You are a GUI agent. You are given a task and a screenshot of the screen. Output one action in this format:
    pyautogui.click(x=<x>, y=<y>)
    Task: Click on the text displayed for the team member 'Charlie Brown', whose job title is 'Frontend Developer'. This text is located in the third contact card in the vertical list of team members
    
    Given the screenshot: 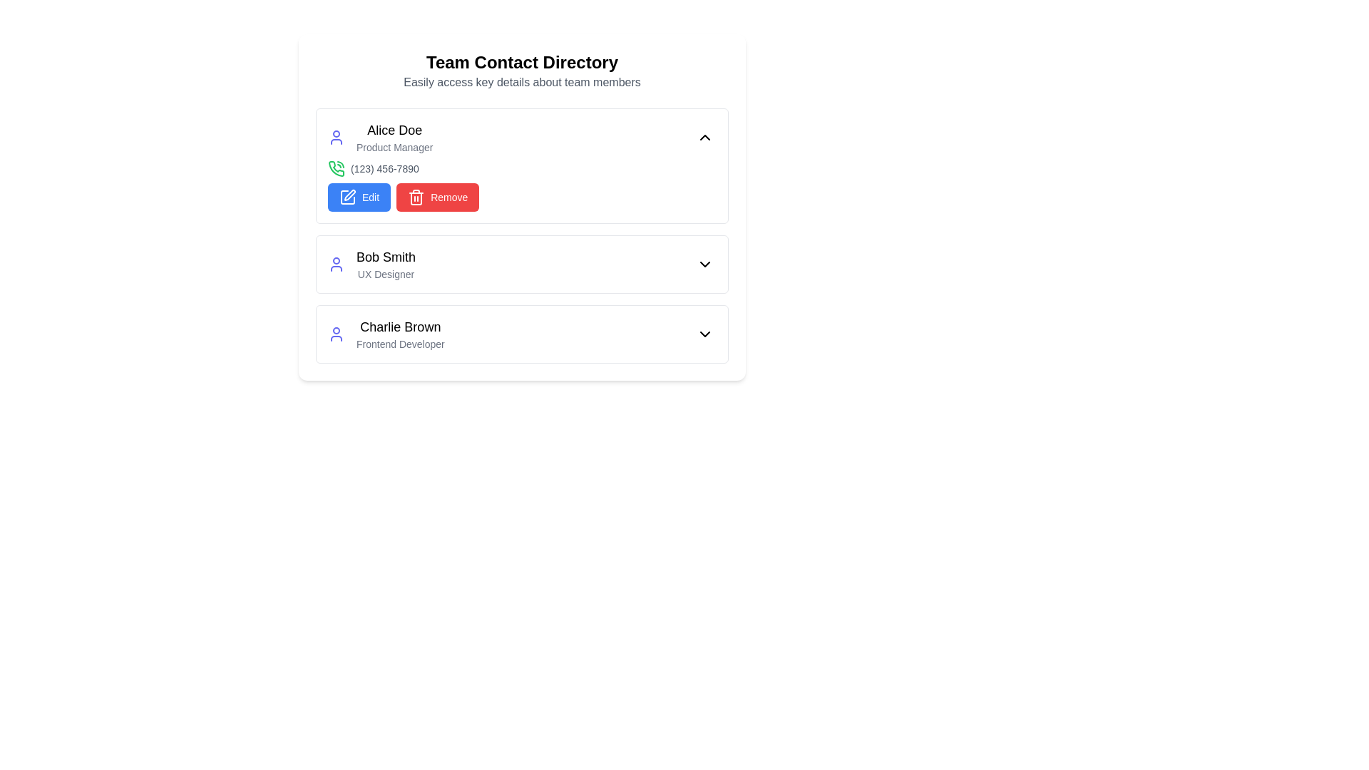 What is the action you would take?
    pyautogui.click(x=399, y=334)
    